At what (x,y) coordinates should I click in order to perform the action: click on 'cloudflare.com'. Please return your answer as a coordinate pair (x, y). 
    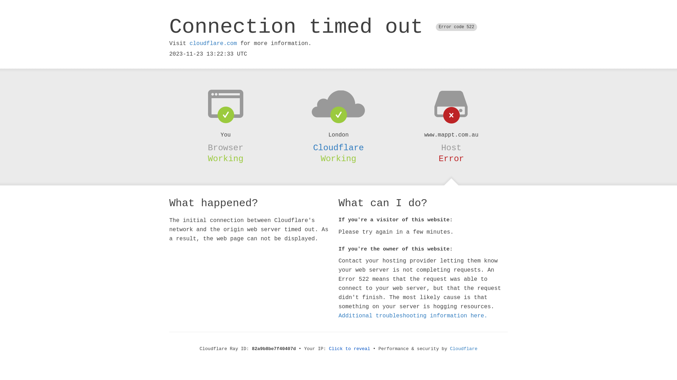
    Looking at the image, I should click on (213, 43).